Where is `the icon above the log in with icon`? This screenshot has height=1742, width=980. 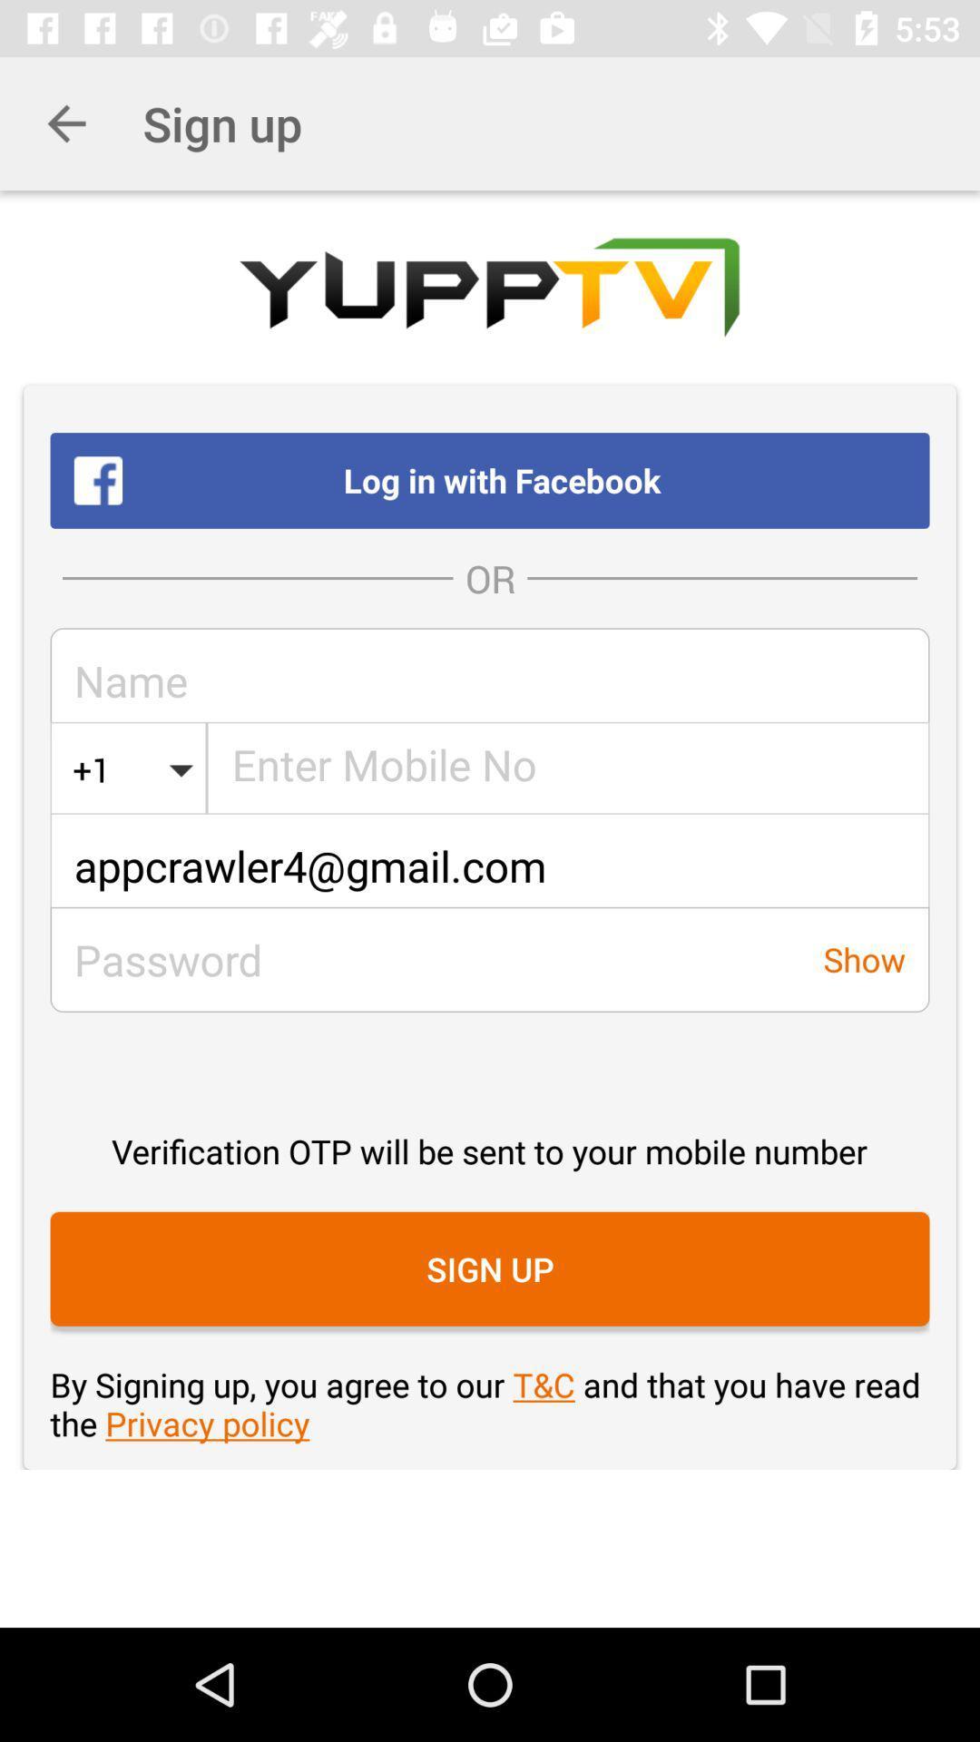
the icon above the log in with icon is located at coordinates (65, 122).